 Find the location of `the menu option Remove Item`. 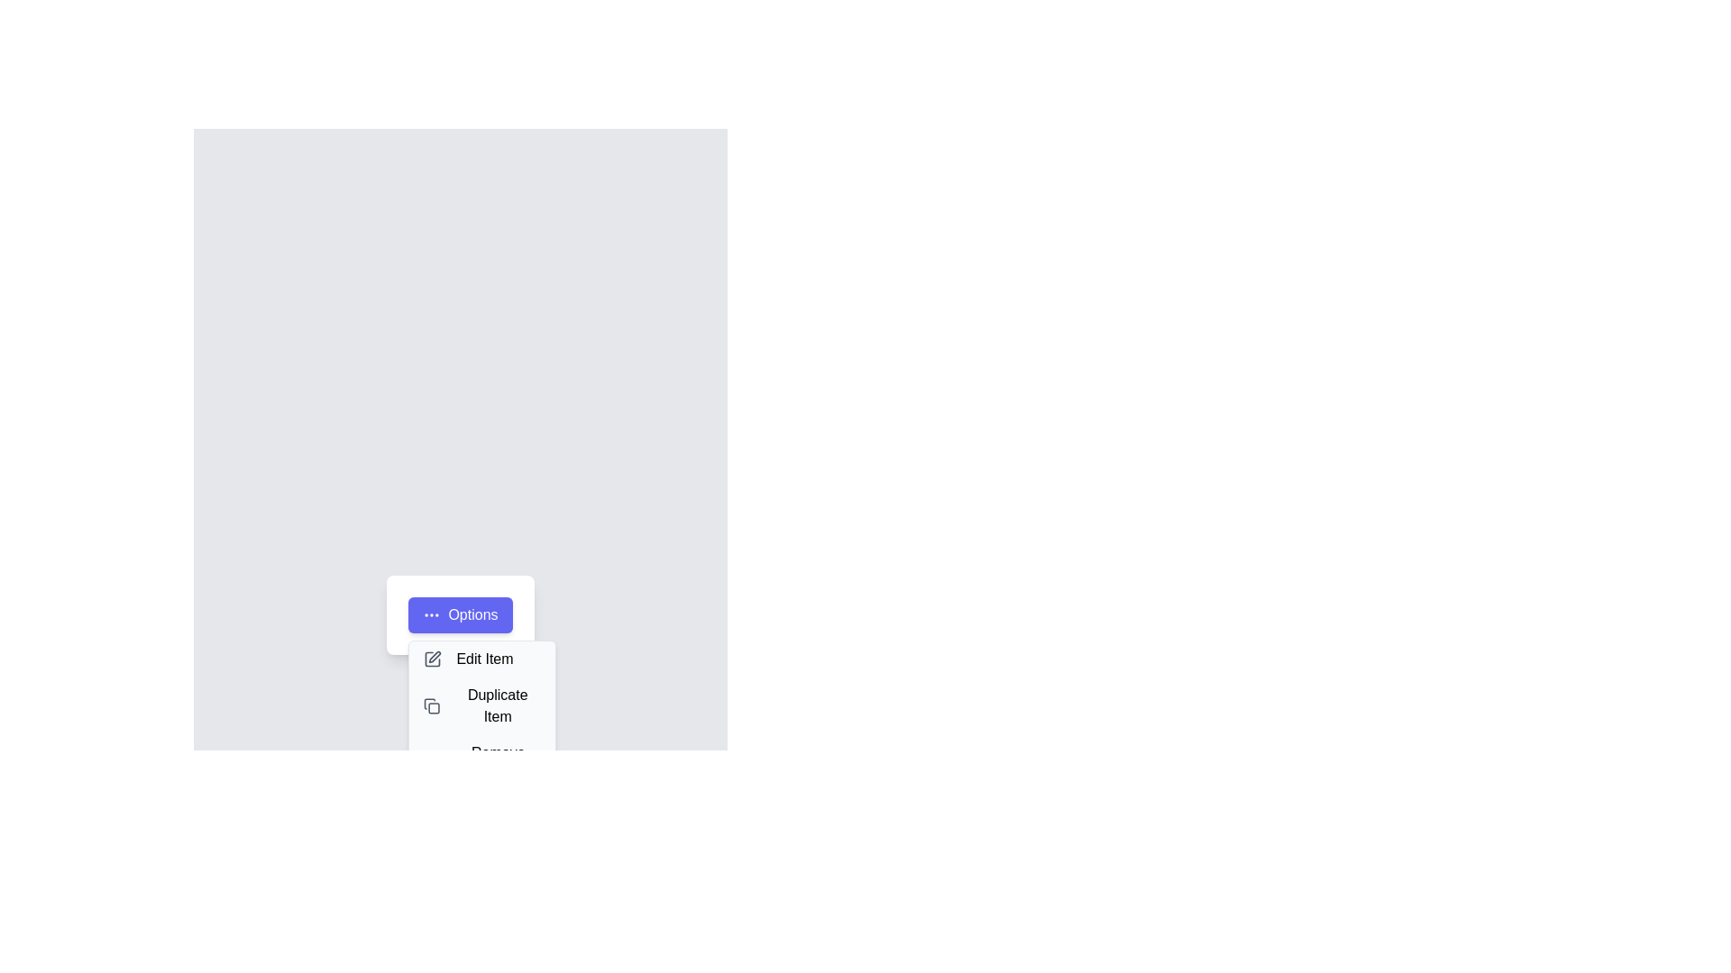

the menu option Remove Item is located at coordinates (481, 764).